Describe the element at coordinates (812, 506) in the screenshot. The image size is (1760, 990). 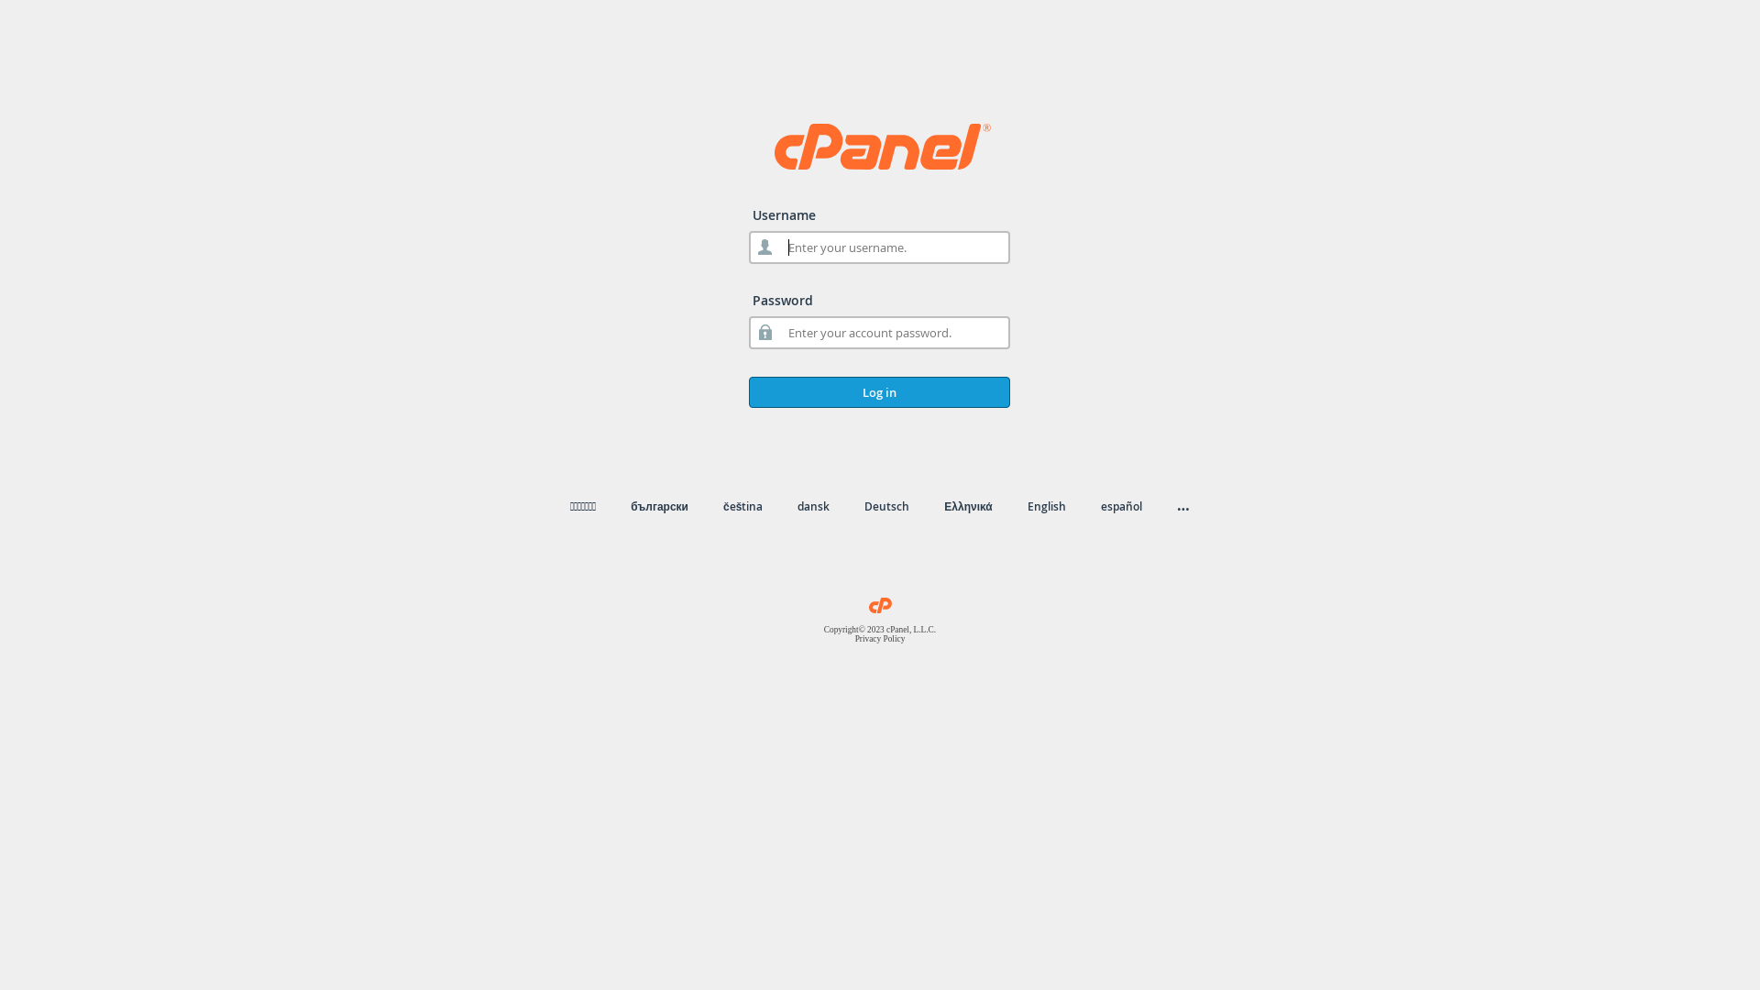
I see `'dansk'` at that location.